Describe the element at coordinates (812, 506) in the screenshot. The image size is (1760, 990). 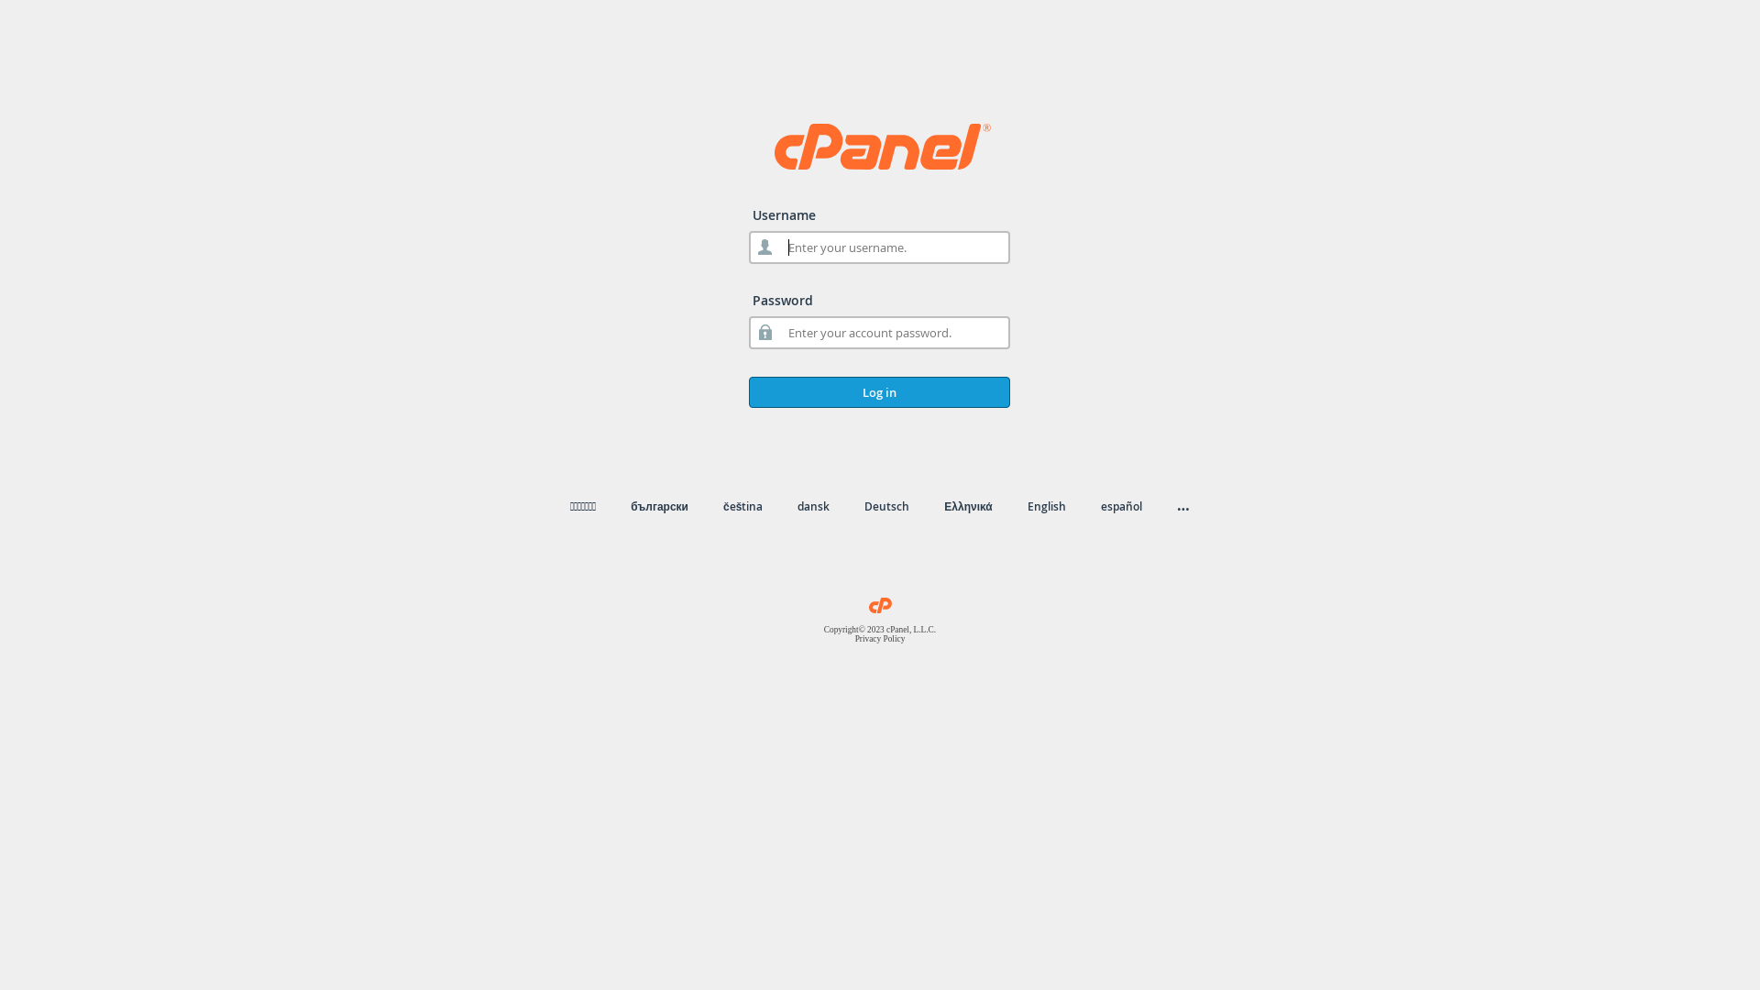
I see `'dansk'` at that location.